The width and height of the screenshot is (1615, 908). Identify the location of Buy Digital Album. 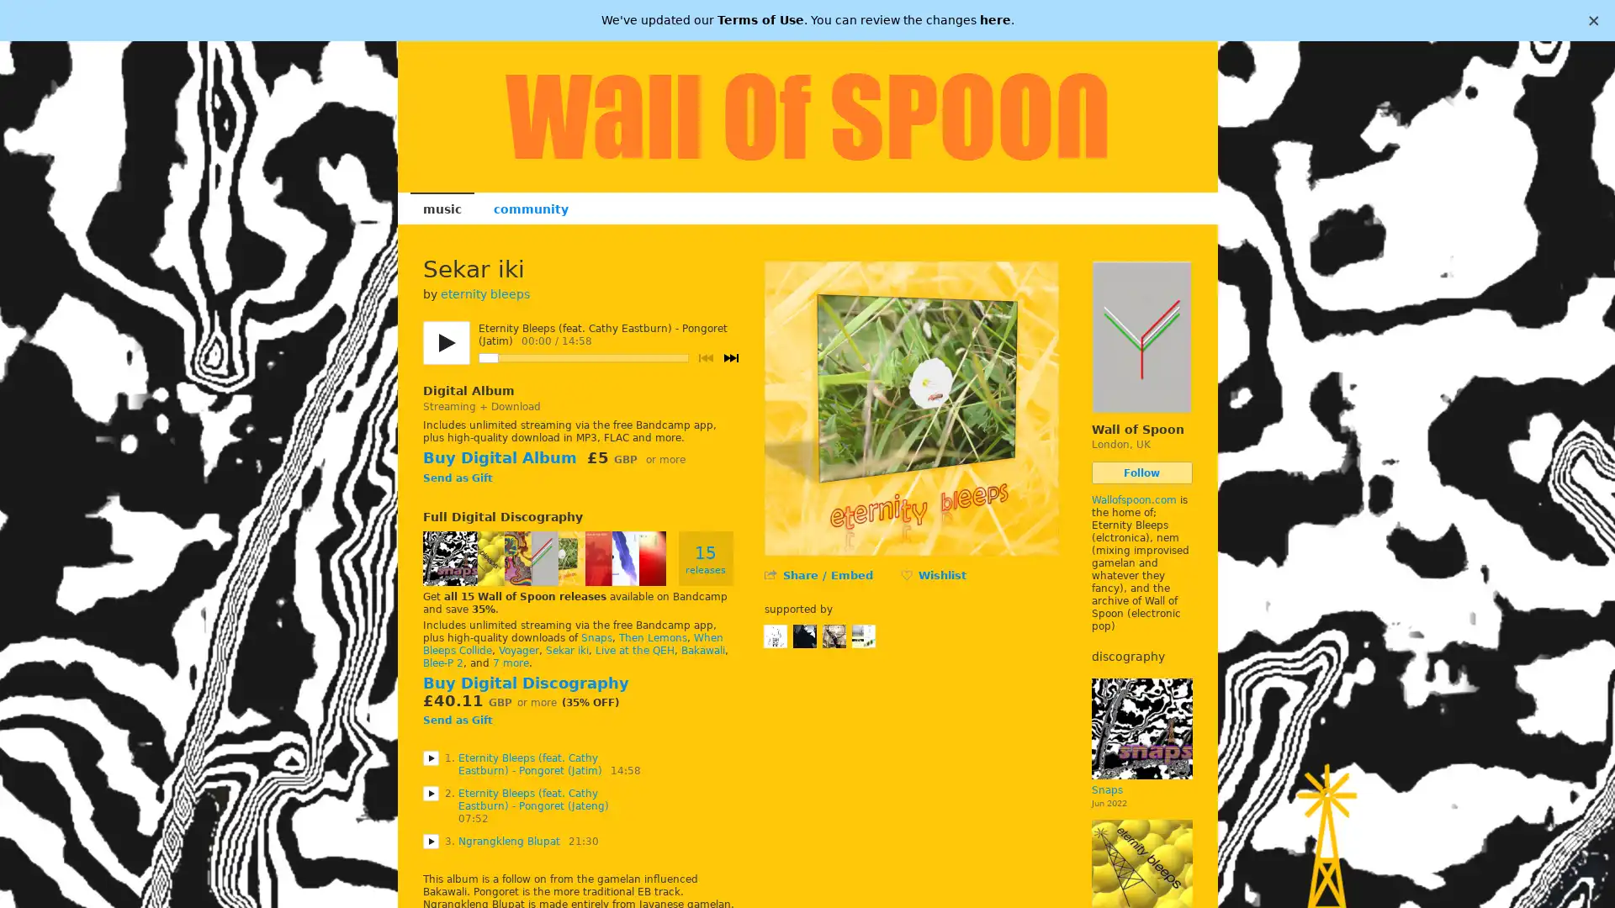
(498, 457).